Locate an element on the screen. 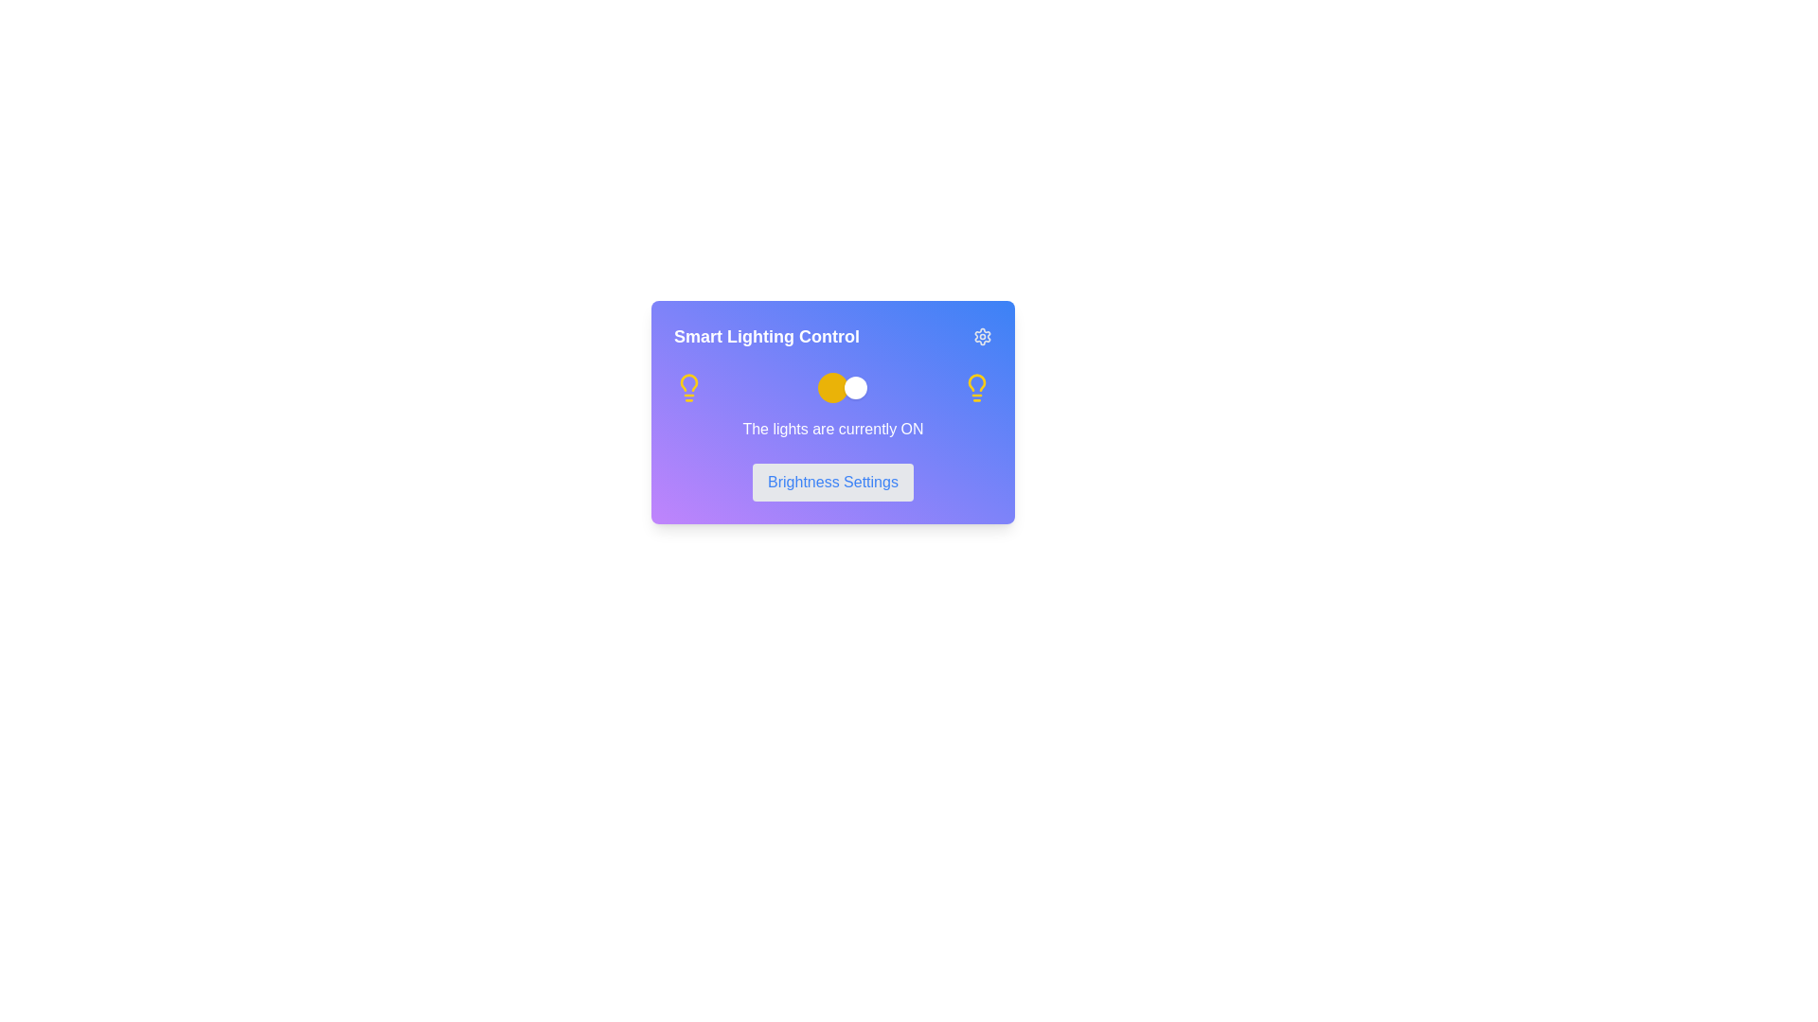 This screenshot has width=1818, height=1022. the gear-shaped icon located in the top-right corner of the 'Smart Lighting Control' card is located at coordinates (982, 335).